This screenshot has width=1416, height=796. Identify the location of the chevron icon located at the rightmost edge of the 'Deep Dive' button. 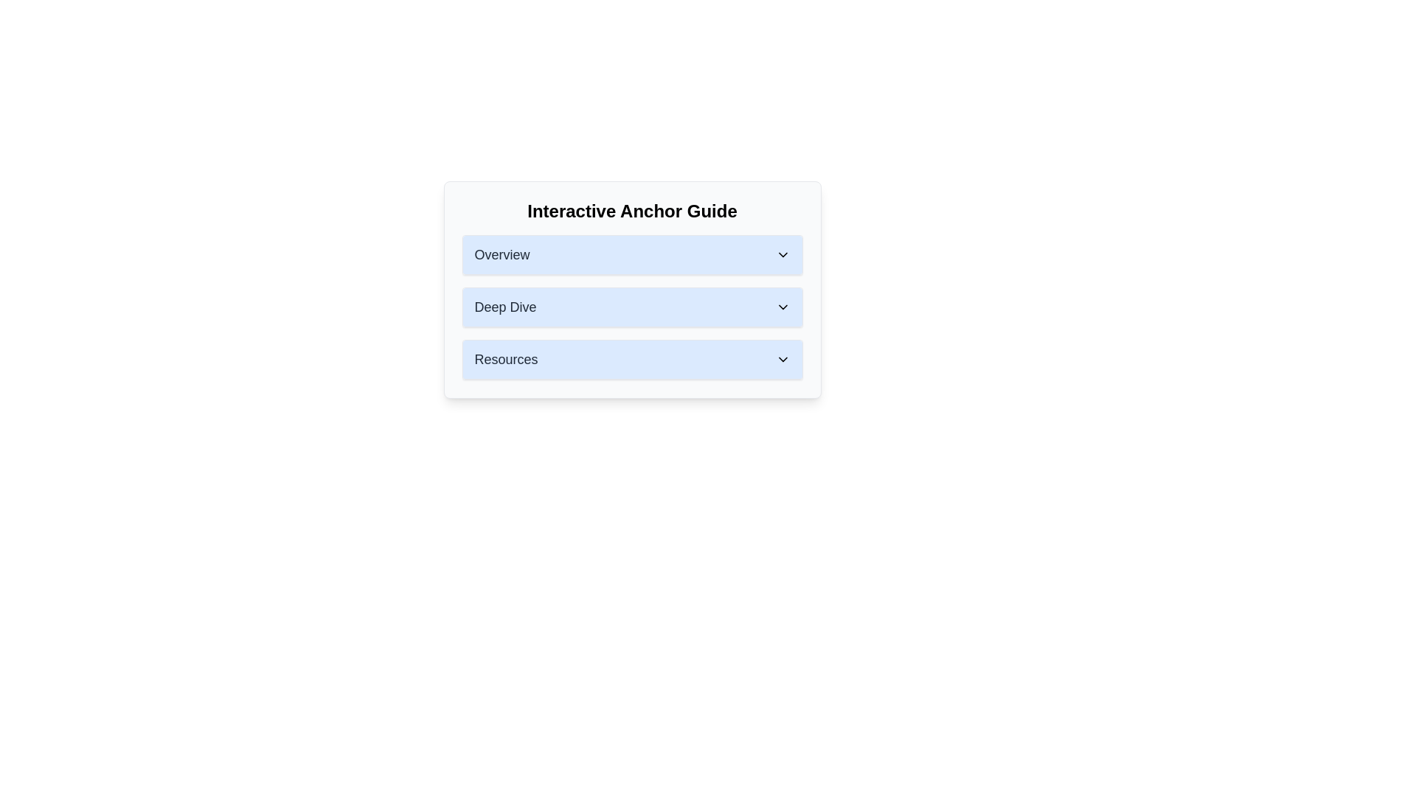
(782, 306).